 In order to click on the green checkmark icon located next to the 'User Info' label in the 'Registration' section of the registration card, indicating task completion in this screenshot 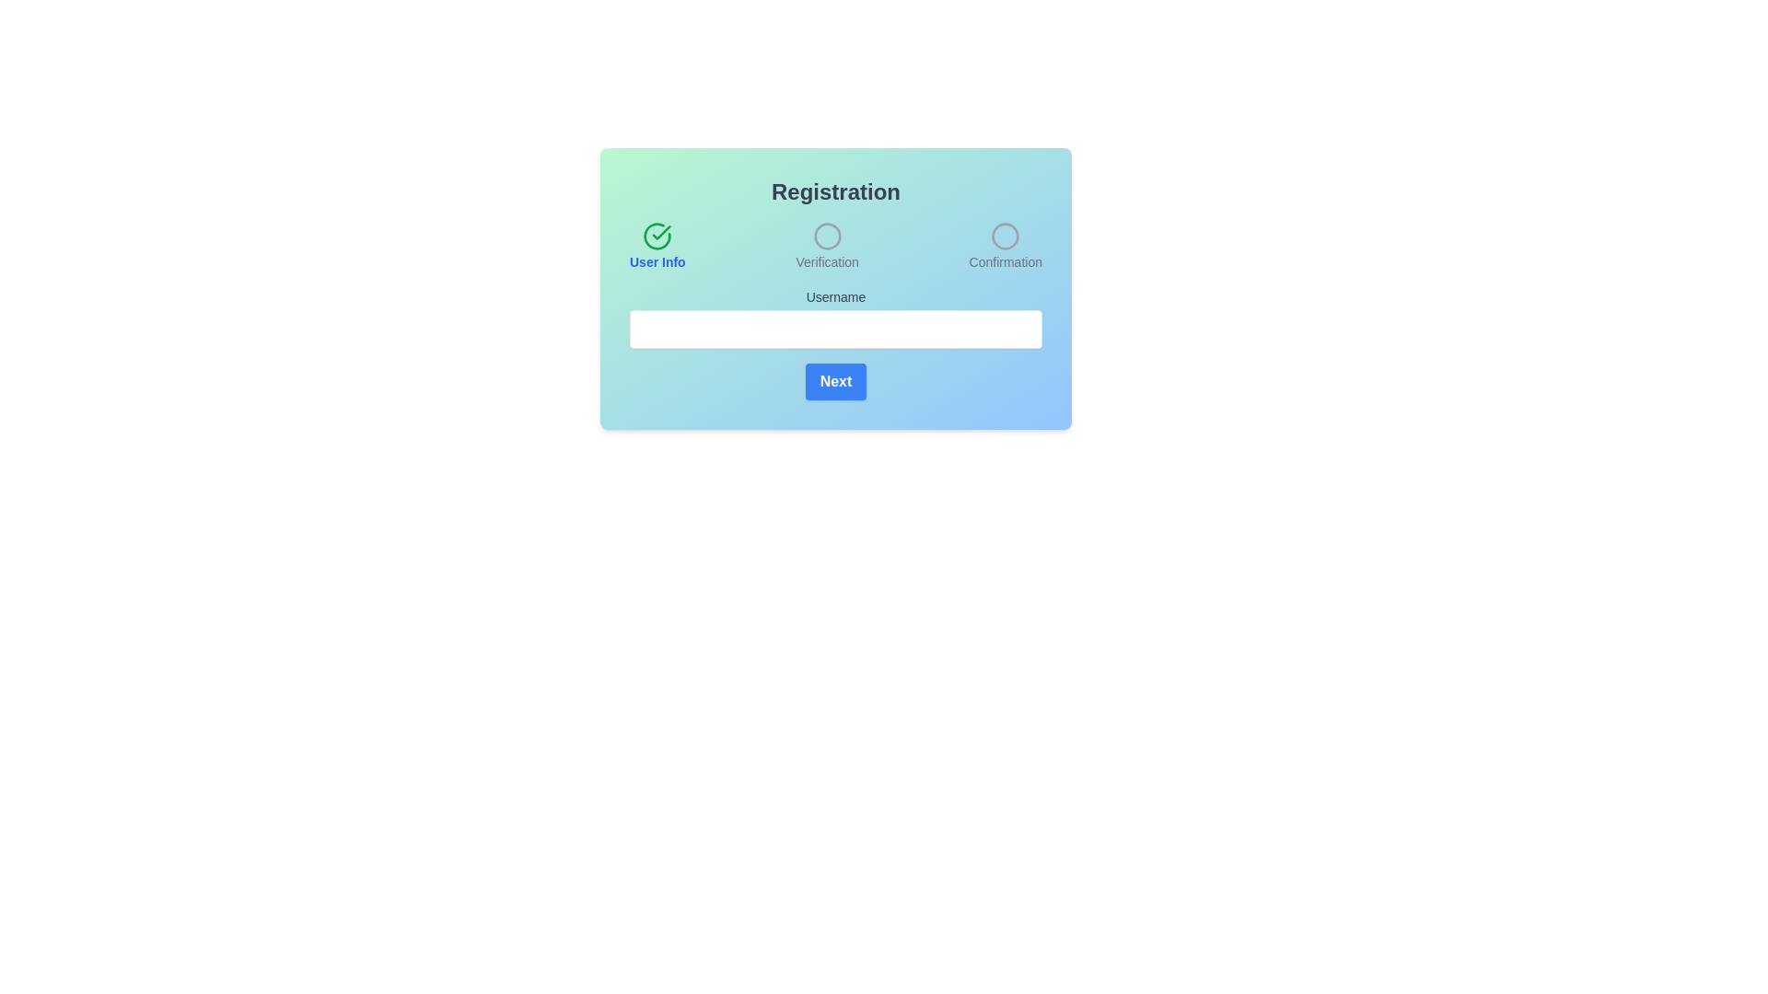, I will do `click(657, 236)`.